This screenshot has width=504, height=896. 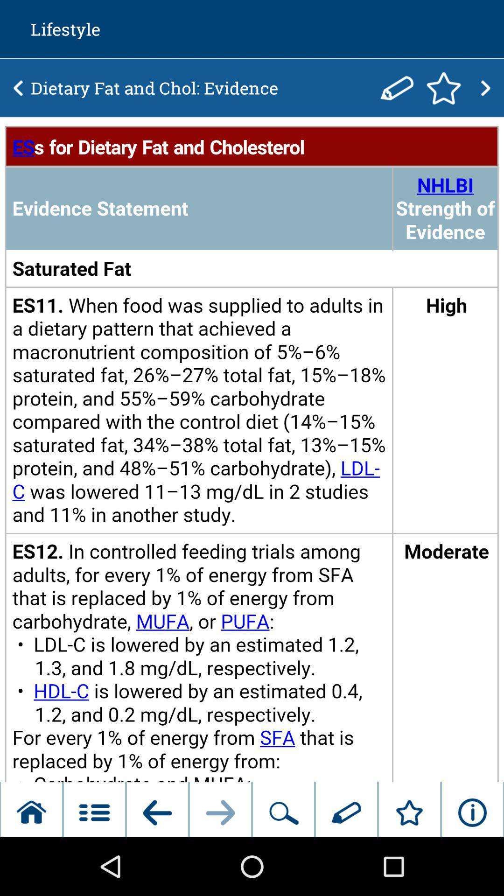 What do you see at coordinates (18, 88) in the screenshot?
I see `previous` at bounding box center [18, 88].